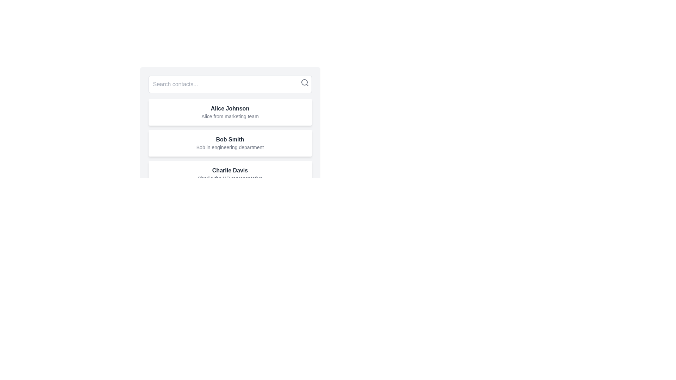 The height and width of the screenshot is (380, 676). Describe the element at coordinates (230, 147) in the screenshot. I see `text label displaying 'Bob in engineering department', which is located beneath the bolded text 'Bob Smith' within a card in a list of similar cards` at that location.